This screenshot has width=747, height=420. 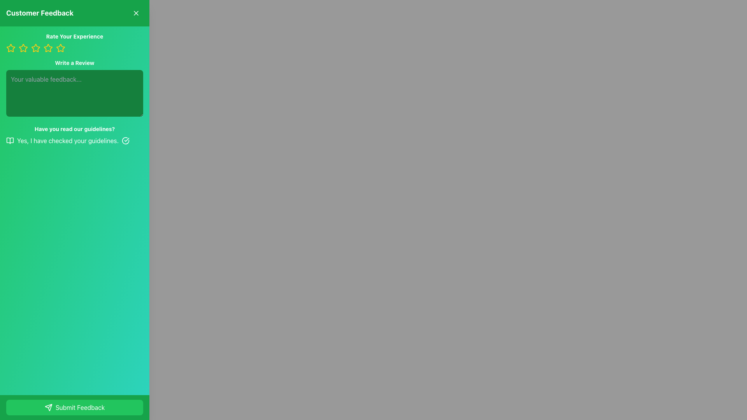 What do you see at coordinates (125, 141) in the screenshot?
I see `the circular icon with a checkmark inside, which is located at the top-right of the statement 'Yes, I have checked your guidelines.'` at bounding box center [125, 141].